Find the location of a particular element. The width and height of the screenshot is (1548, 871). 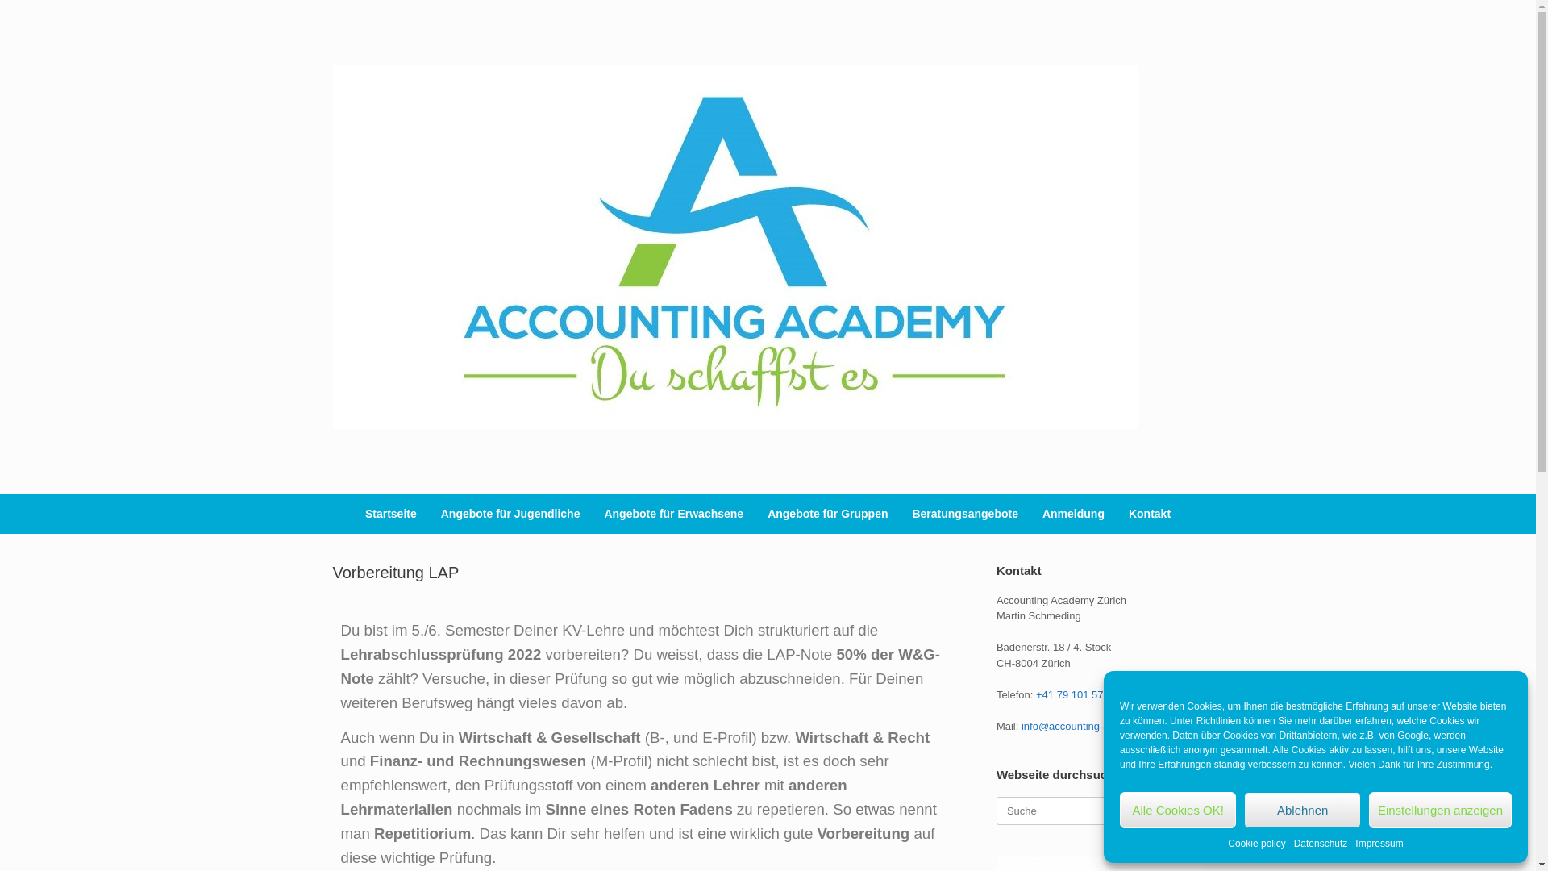

'Datenschutz' is located at coordinates (1321, 842).